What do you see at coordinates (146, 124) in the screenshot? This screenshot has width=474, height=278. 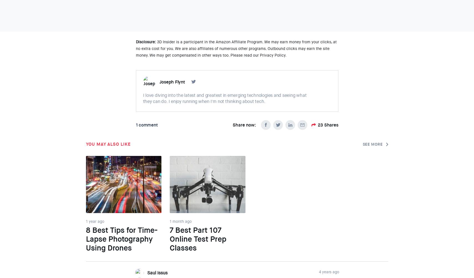 I see `'1 comment'` at bounding box center [146, 124].